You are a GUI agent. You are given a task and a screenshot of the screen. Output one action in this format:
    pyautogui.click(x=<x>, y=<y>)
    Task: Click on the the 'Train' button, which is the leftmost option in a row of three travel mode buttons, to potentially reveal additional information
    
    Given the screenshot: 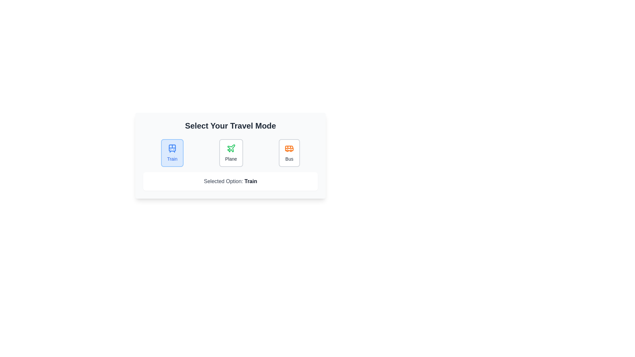 What is the action you would take?
    pyautogui.click(x=172, y=153)
    